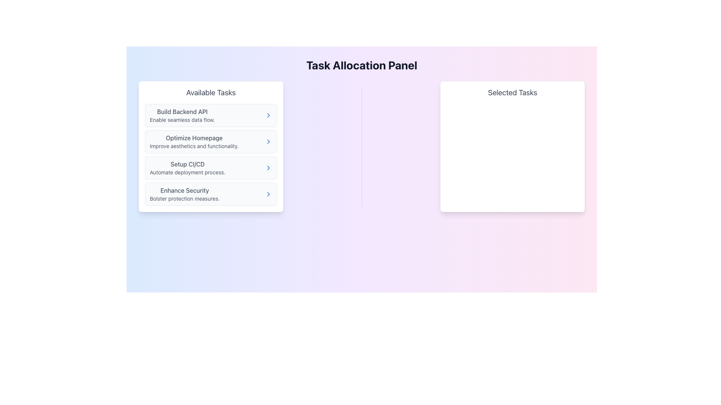 Image resolution: width=721 pixels, height=405 pixels. What do you see at coordinates (268, 167) in the screenshot?
I see `the chevron icon located on the far right of the list item labeled 'Setup CI/CD' in the 'Available Tasks' section` at bounding box center [268, 167].